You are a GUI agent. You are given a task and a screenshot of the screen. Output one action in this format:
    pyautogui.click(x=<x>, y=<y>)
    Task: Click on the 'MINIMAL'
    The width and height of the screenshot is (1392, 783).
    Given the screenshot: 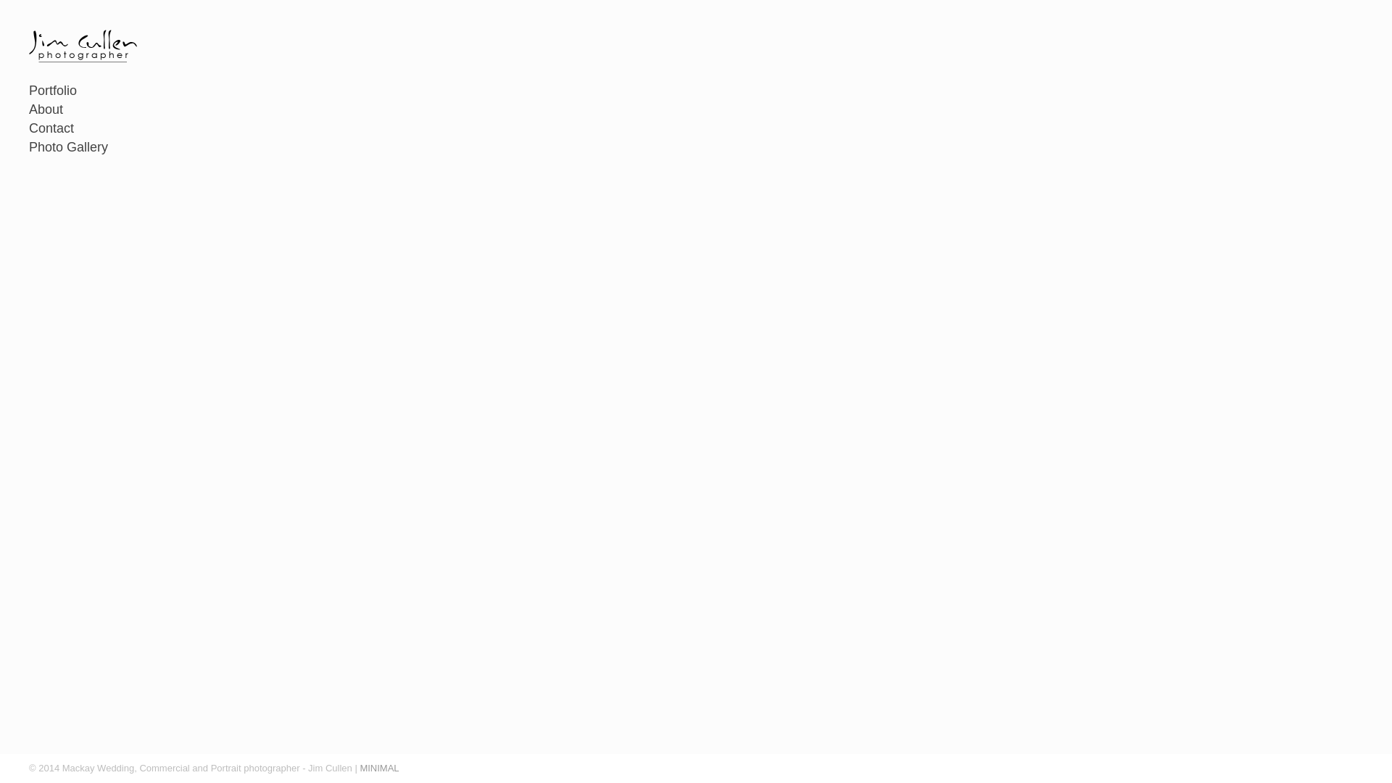 What is the action you would take?
    pyautogui.click(x=379, y=767)
    